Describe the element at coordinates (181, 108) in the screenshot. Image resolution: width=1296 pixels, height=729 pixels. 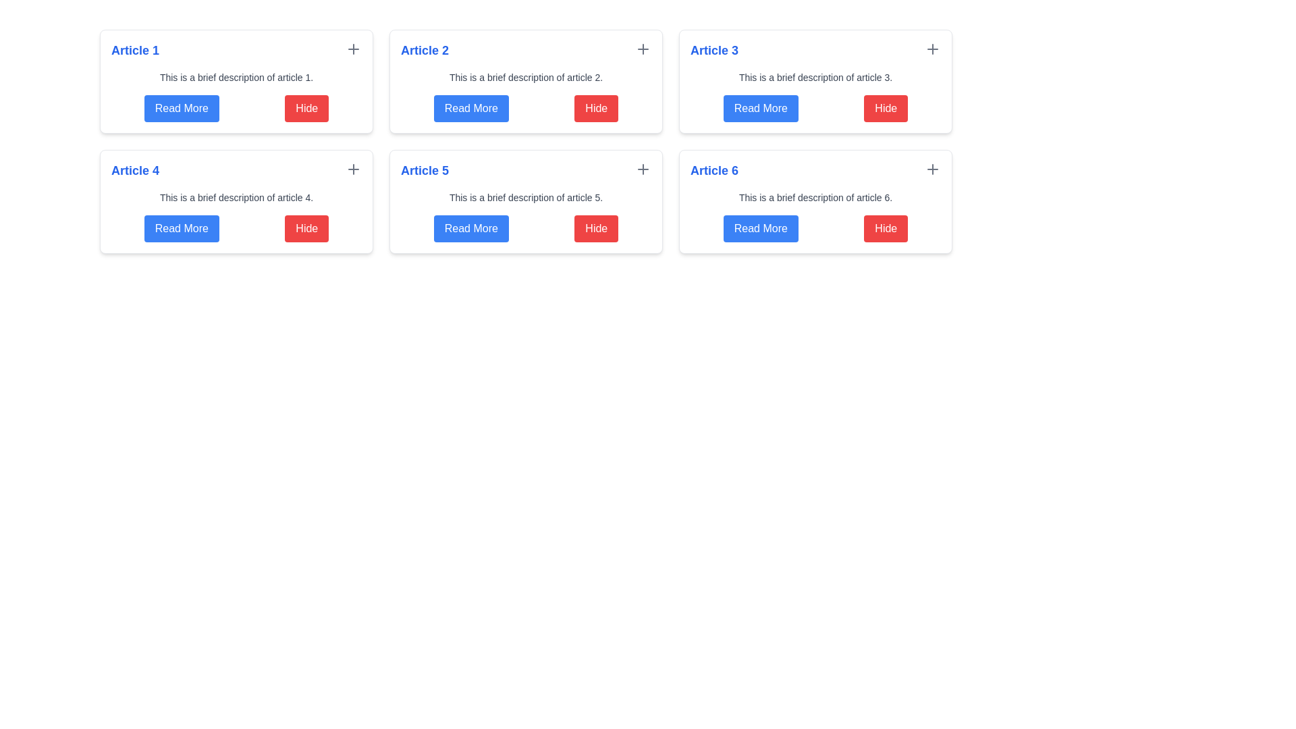
I see `the blue 'Read More' button with rounded corners` at that location.